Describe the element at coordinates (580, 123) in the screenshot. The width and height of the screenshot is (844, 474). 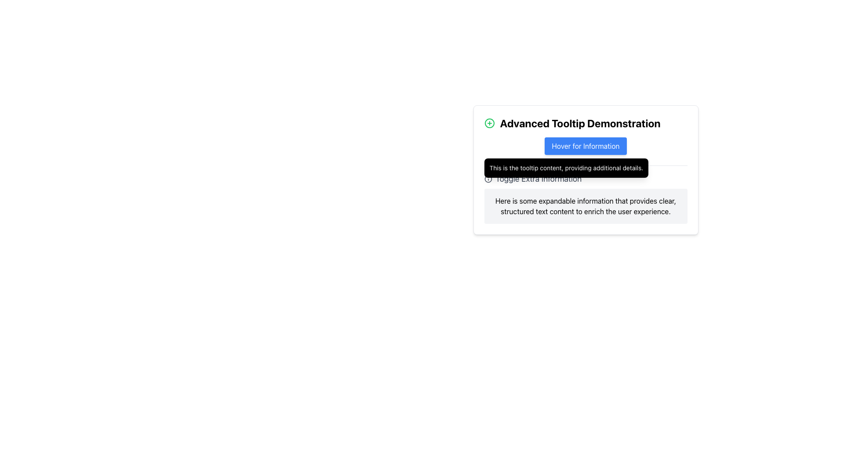
I see `the title text that serves as a heading for the section, positioned to the right of a green plus icon at the central top area of the card` at that location.